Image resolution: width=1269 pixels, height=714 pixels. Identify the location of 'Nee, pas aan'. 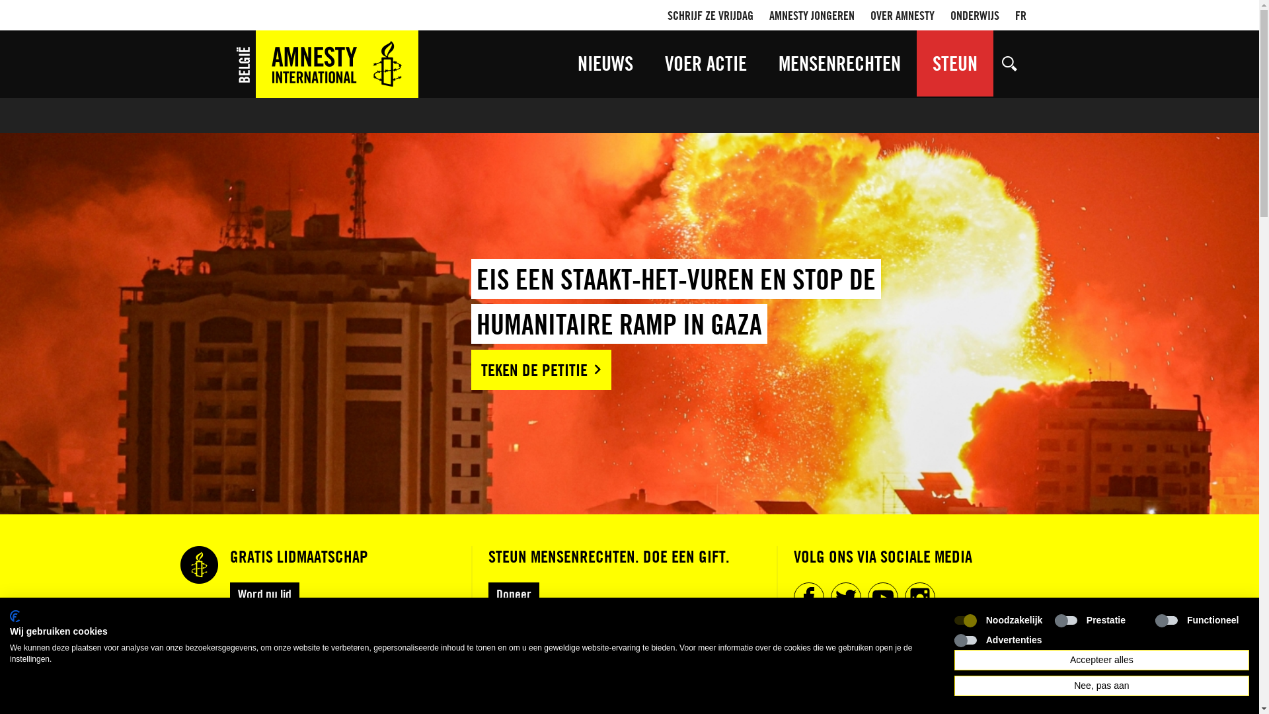
(1101, 685).